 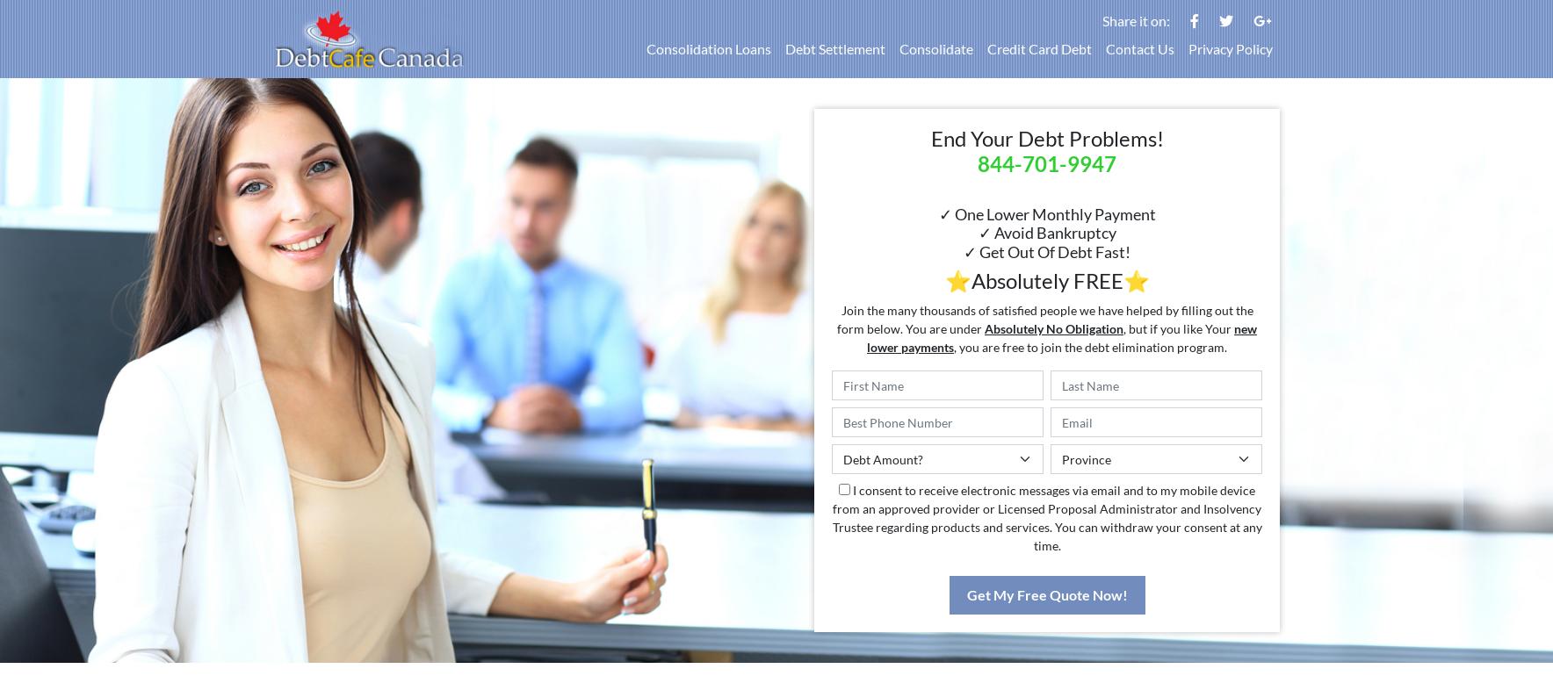 What do you see at coordinates (1197, 622) in the screenshot?
I see `'Home Ownership is not necessary'` at bounding box center [1197, 622].